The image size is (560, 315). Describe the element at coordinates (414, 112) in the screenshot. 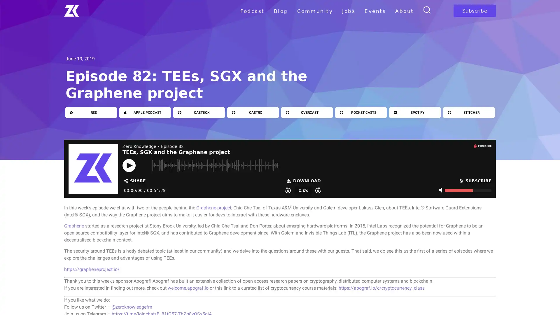

I see `SPOTIFY` at that location.